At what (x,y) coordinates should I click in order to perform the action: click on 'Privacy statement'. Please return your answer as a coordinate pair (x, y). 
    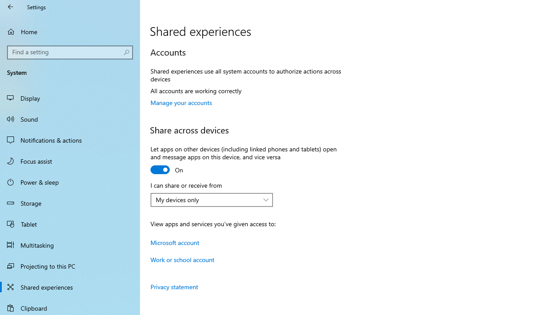
    Looking at the image, I should click on (174, 287).